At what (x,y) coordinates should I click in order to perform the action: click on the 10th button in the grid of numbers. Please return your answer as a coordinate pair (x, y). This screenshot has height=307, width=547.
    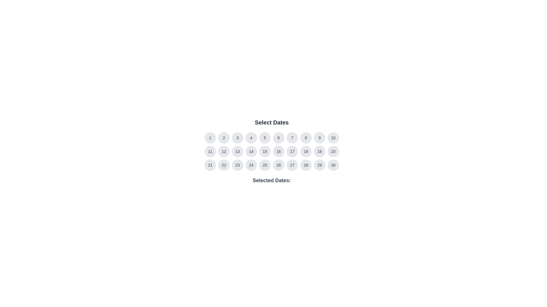
    Looking at the image, I should click on (333, 138).